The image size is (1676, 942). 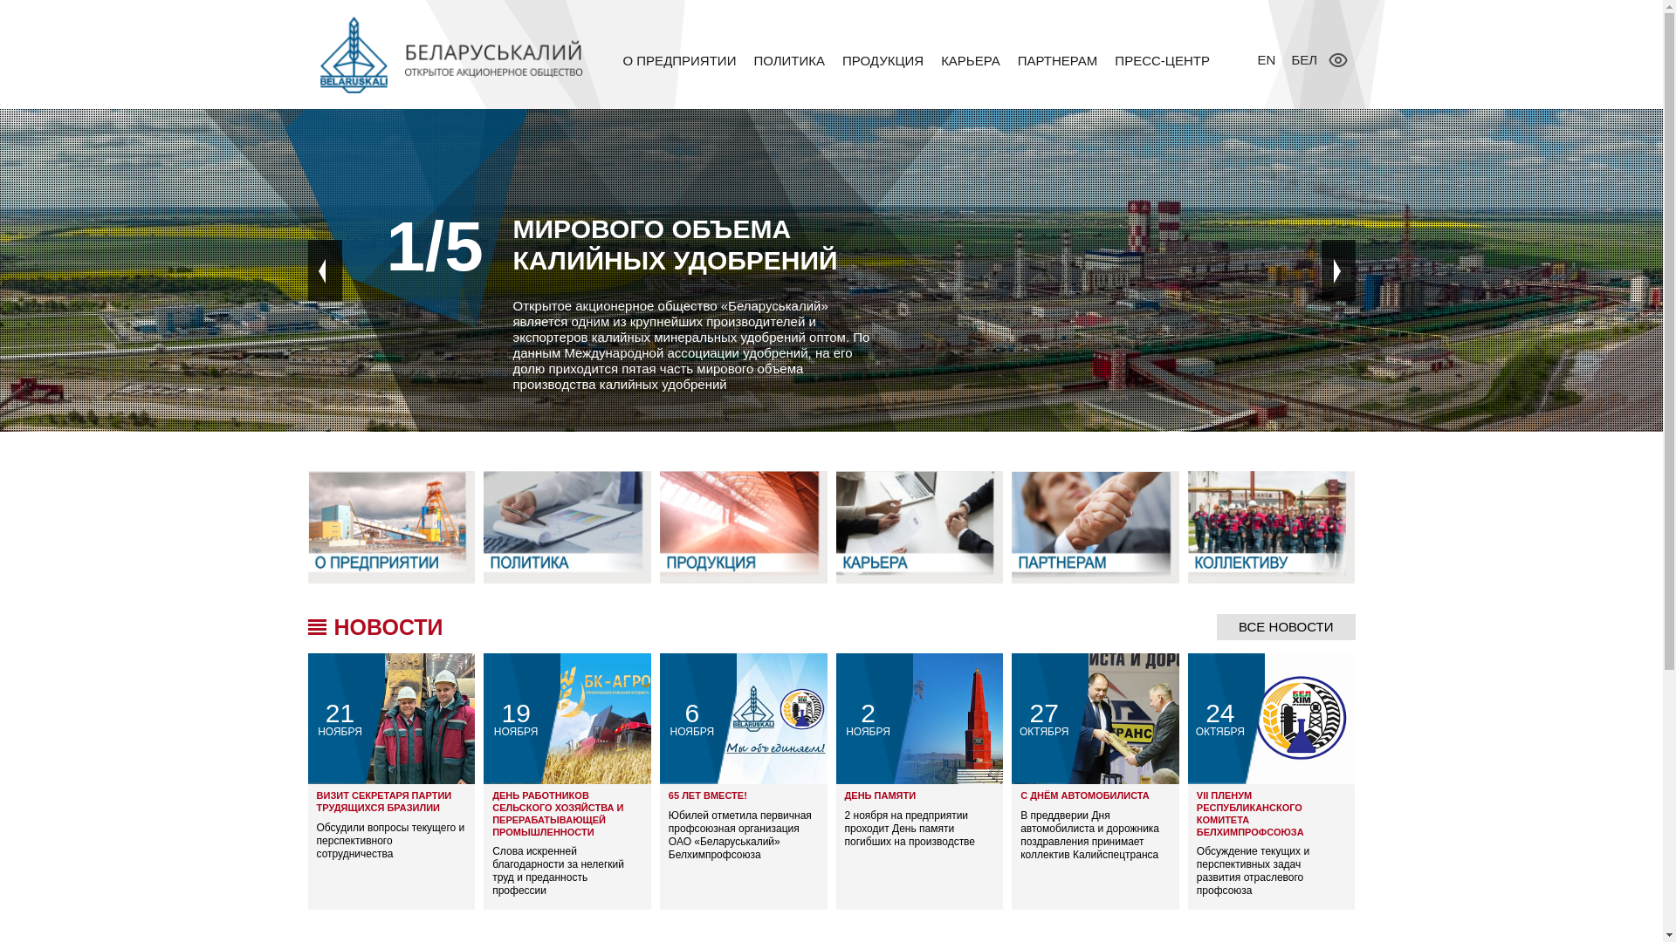 I want to click on 'EN', so click(x=1269, y=58).